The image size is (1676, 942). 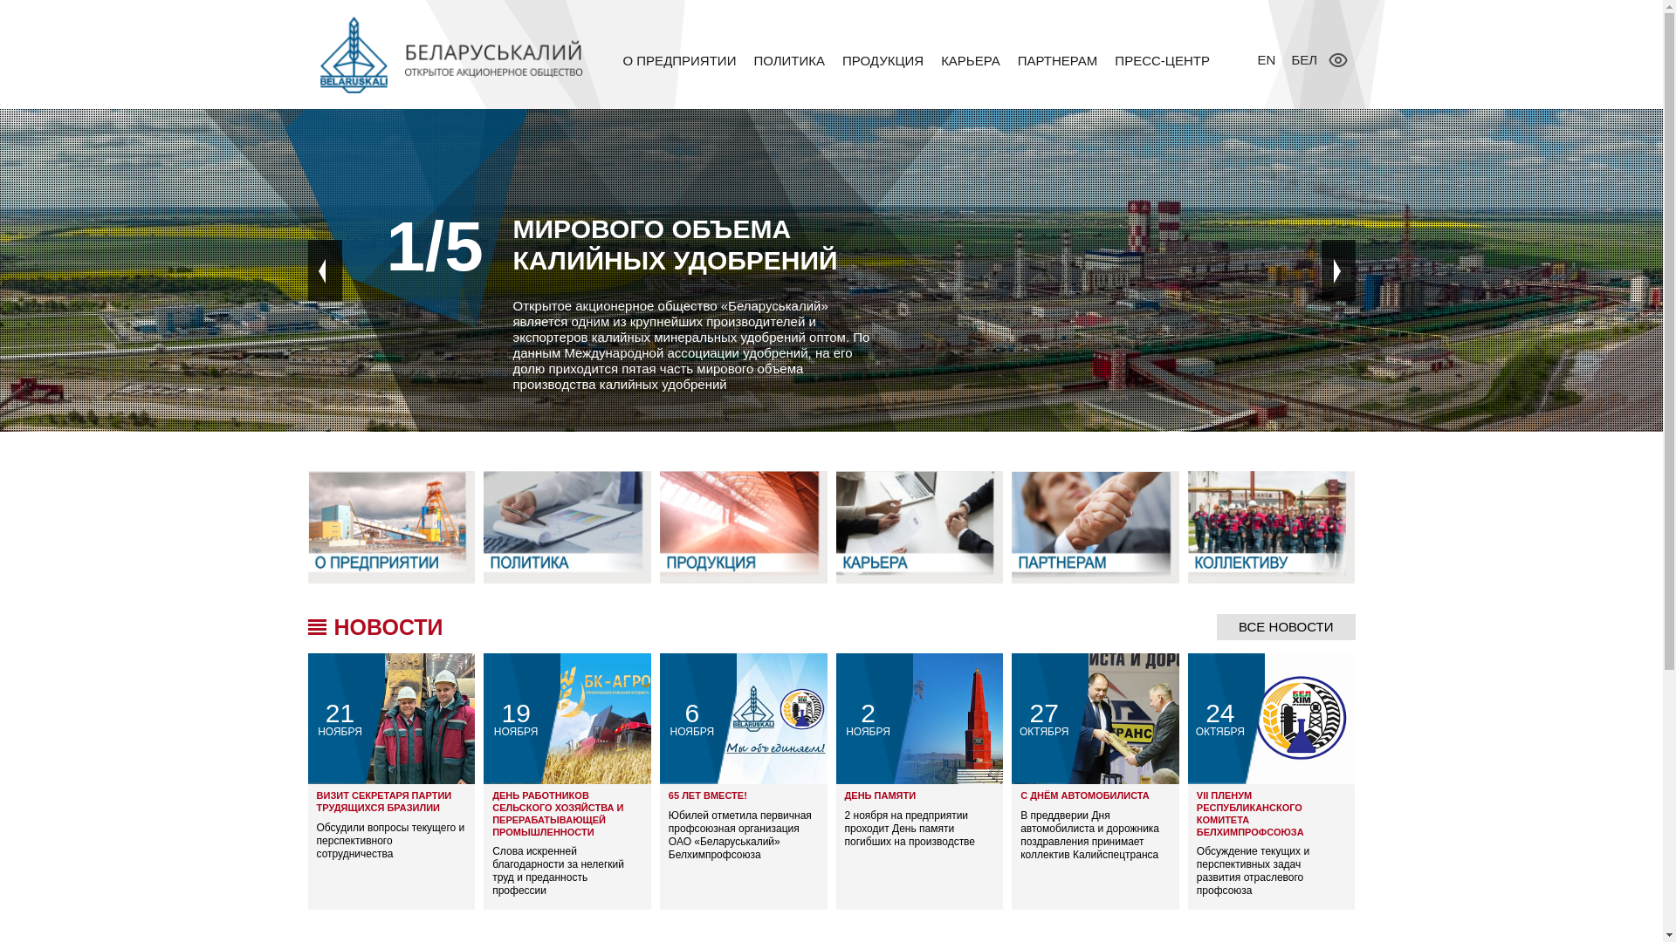 I want to click on 'EN', so click(x=1269, y=58).